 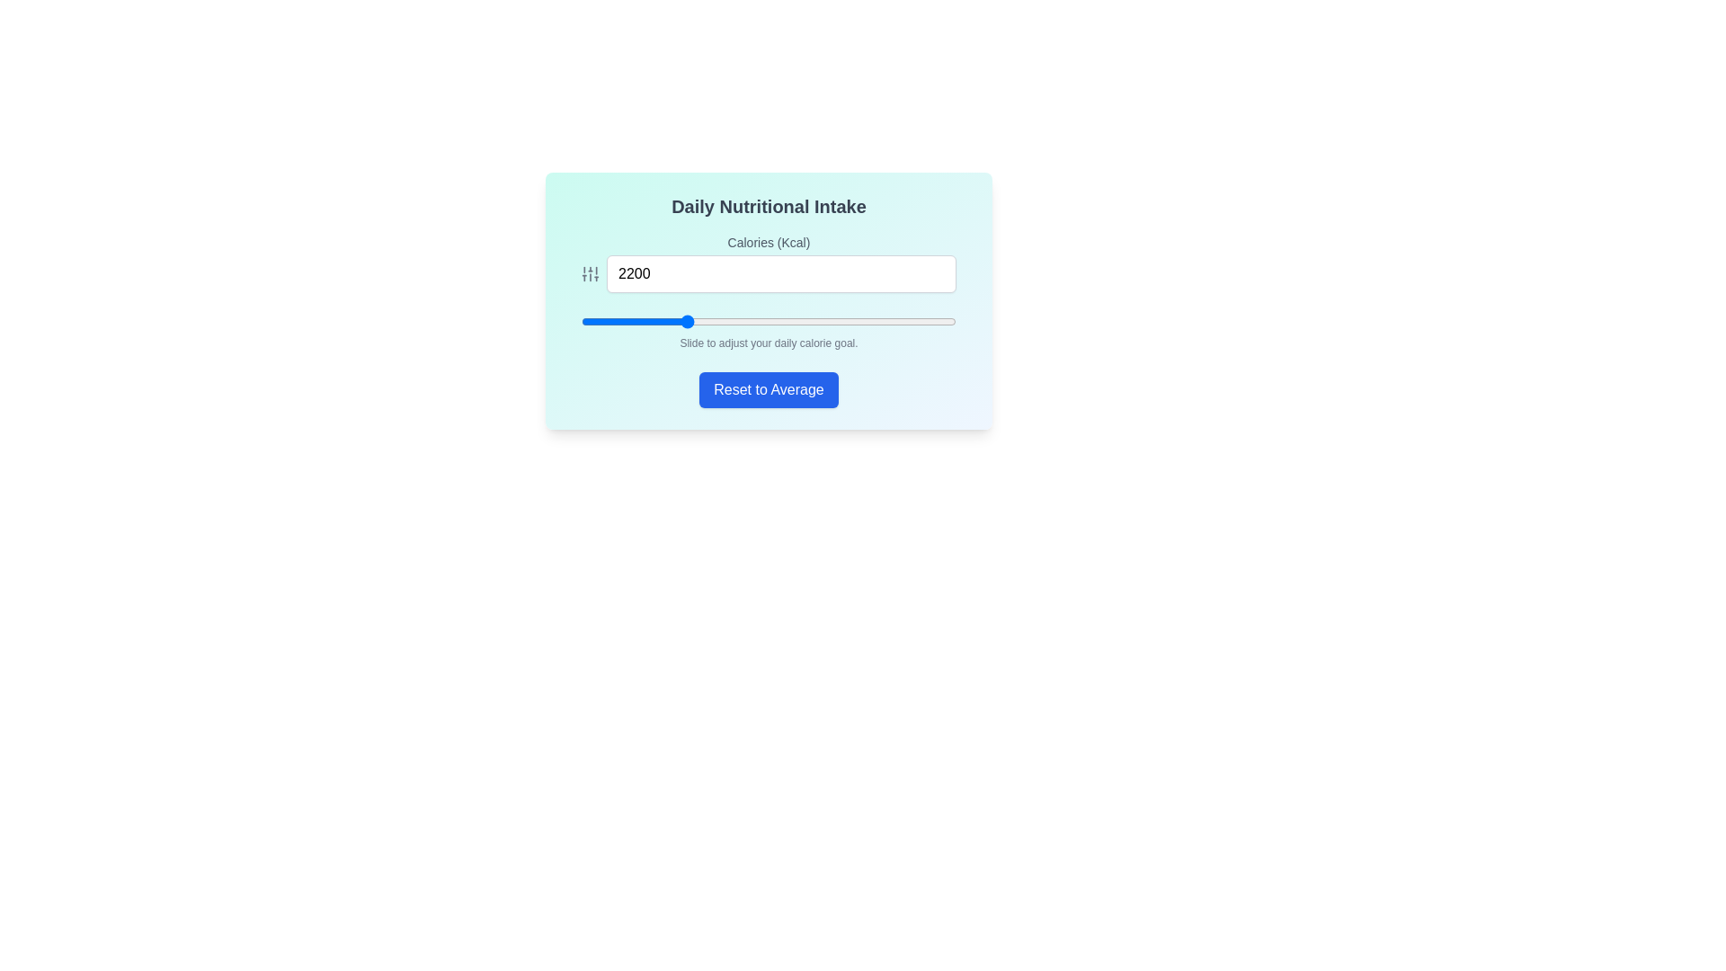 What do you see at coordinates (853, 321) in the screenshot?
I see `the calorie goal` at bounding box center [853, 321].